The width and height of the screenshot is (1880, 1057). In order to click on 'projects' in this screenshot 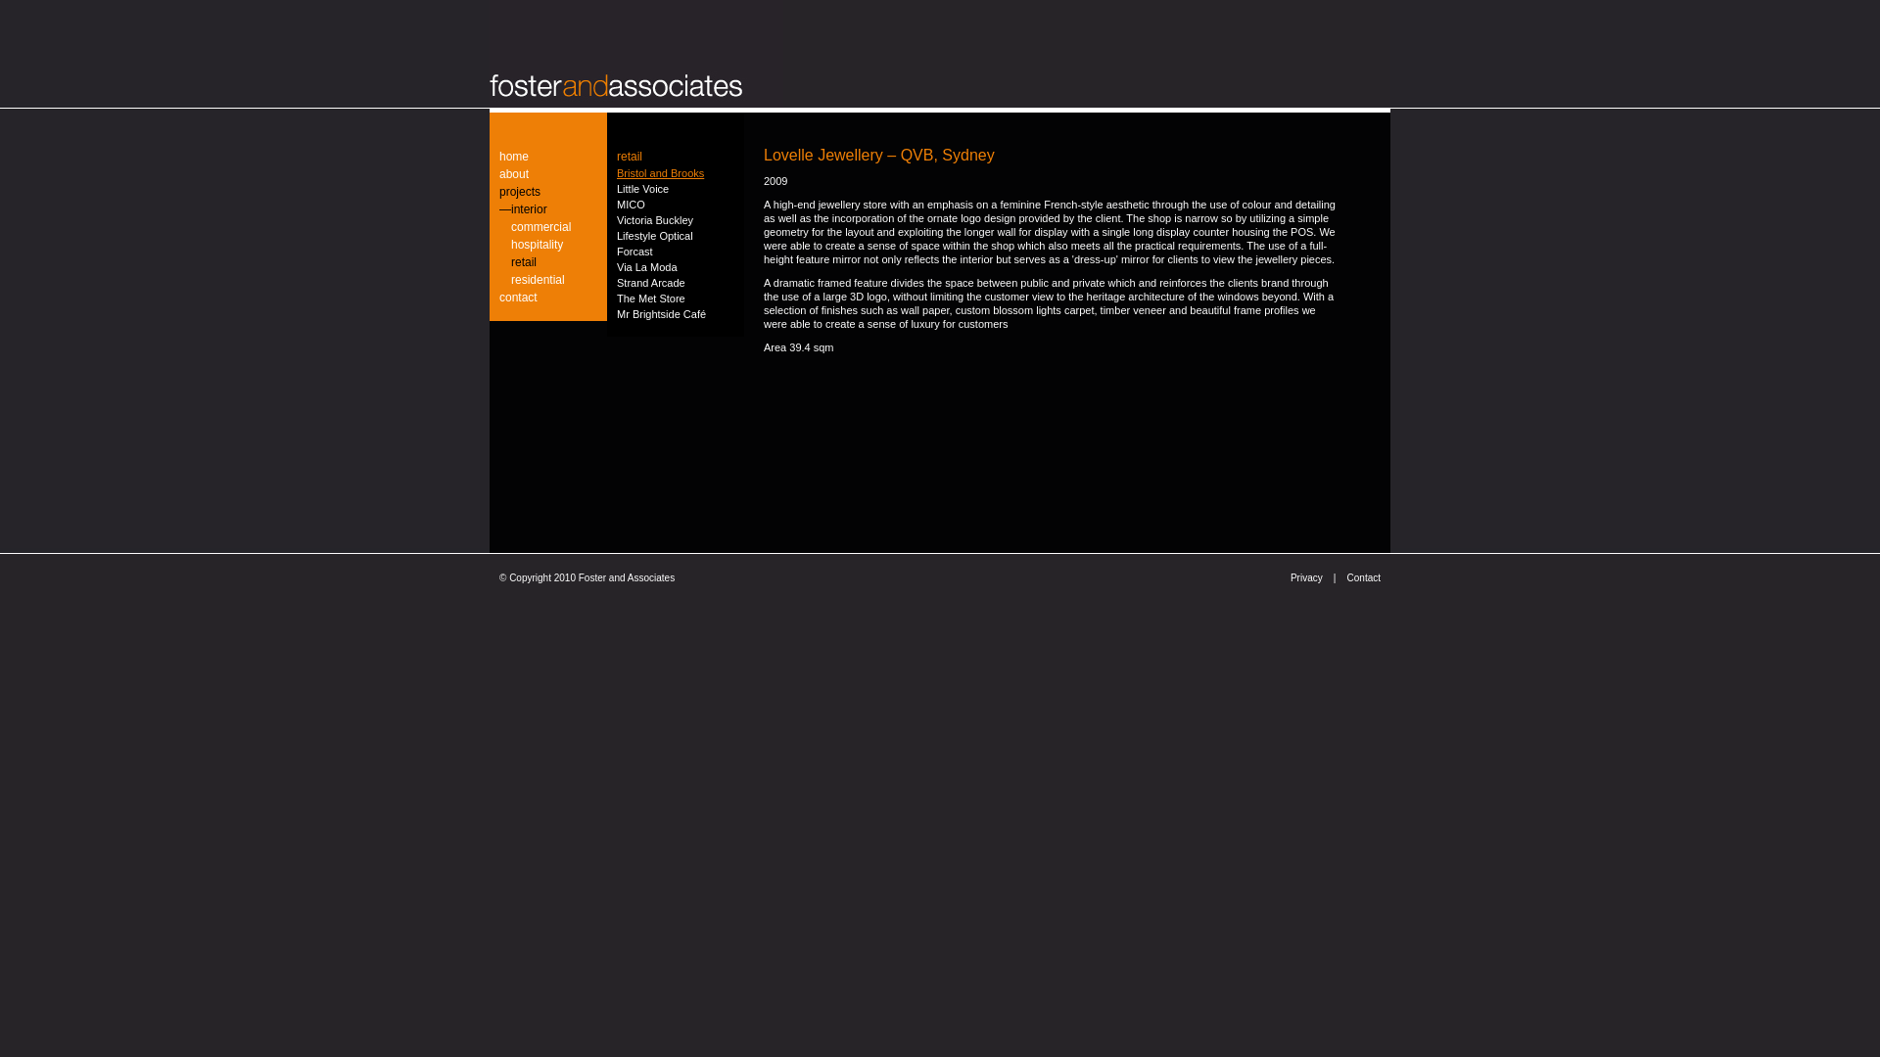, I will do `click(548, 192)`.